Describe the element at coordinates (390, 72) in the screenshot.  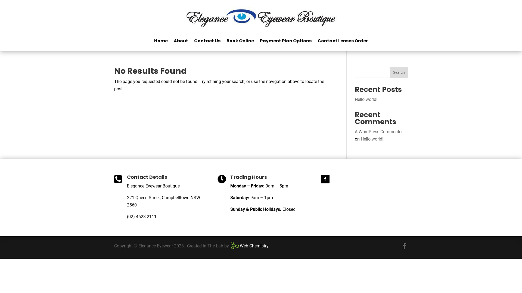
I see `'Search'` at that location.